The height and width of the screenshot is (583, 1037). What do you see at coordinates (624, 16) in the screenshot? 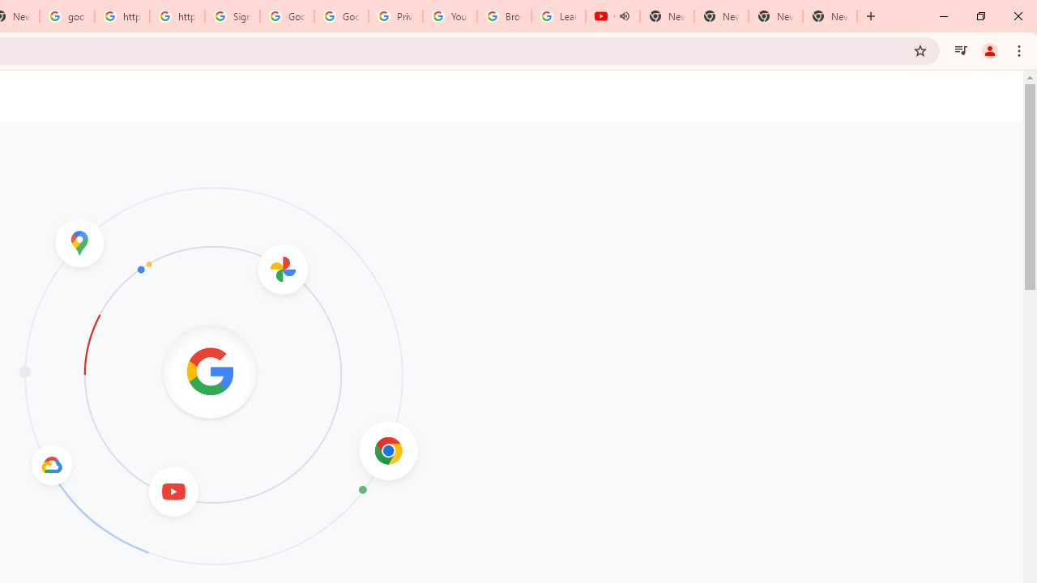
I see `'Mute tab'` at bounding box center [624, 16].